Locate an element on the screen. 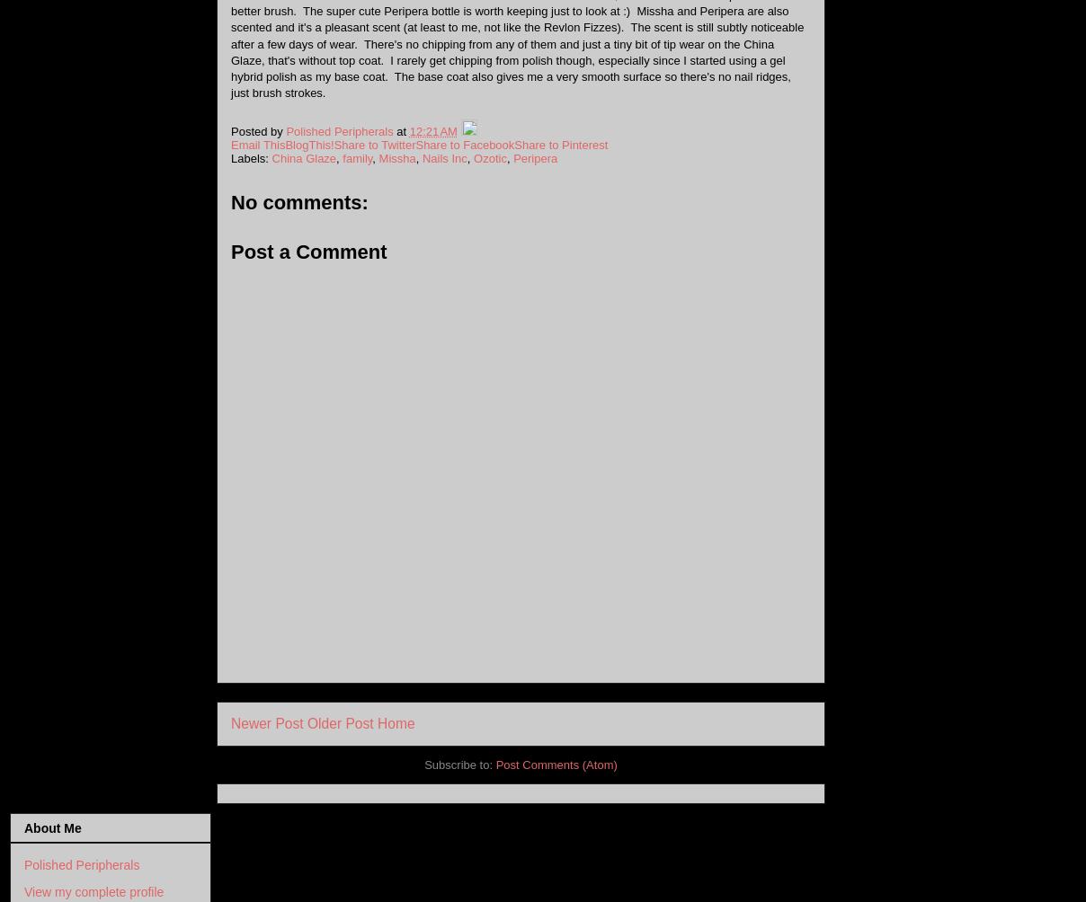  'Missha' is located at coordinates (377, 156).